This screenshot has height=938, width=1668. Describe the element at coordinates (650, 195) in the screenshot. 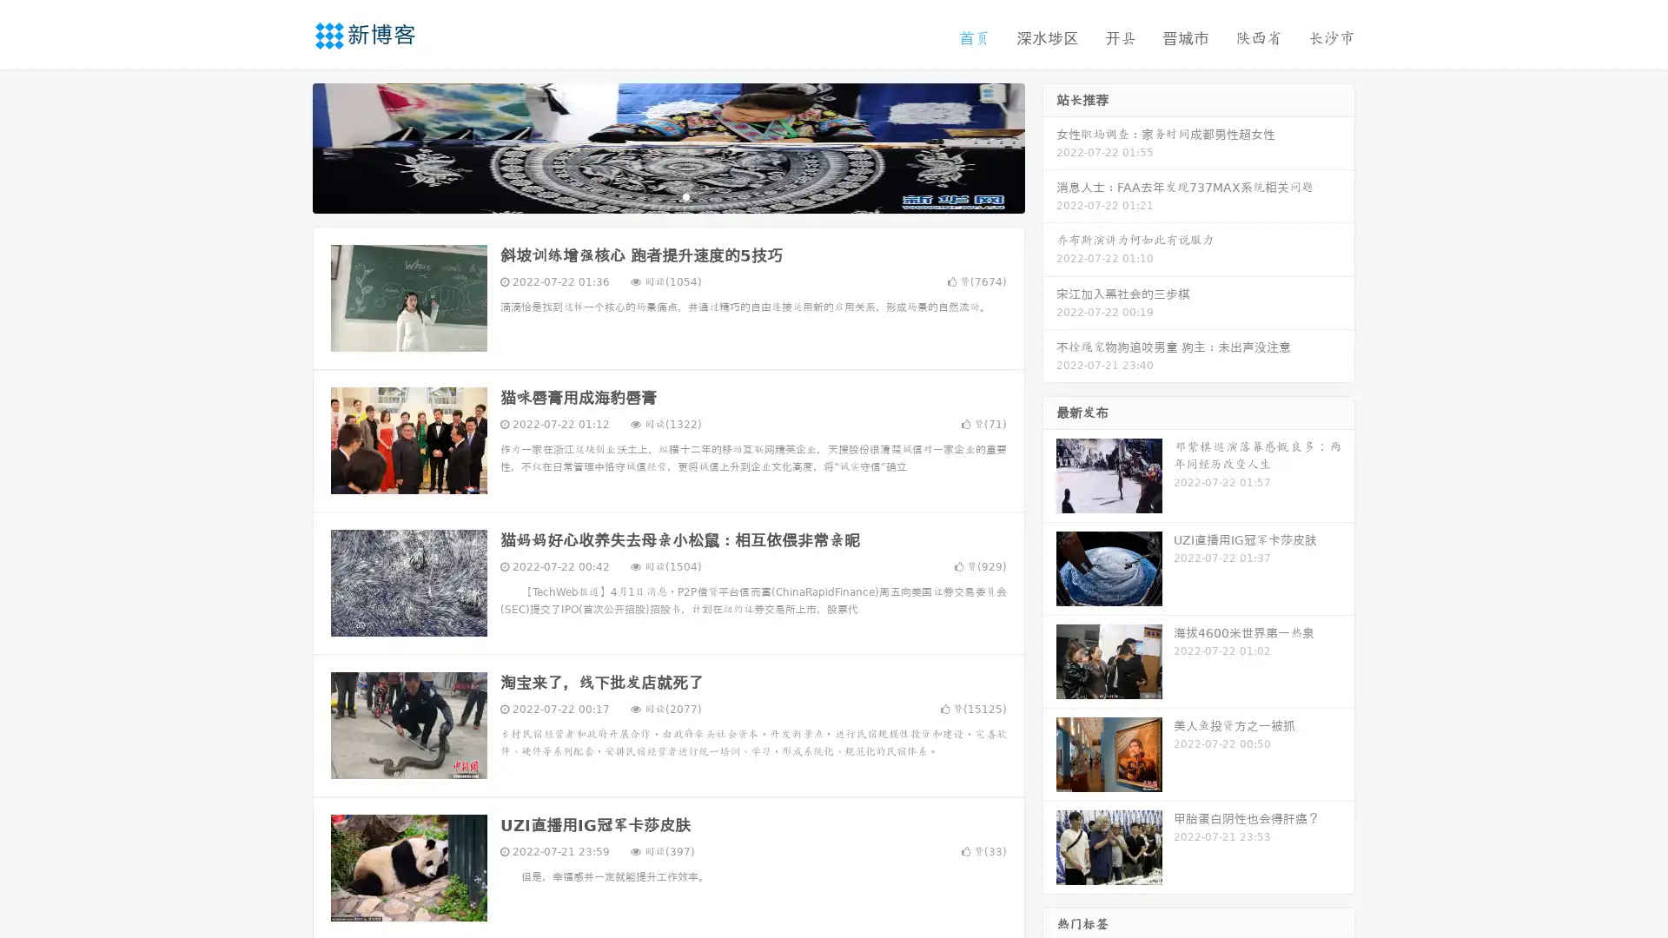

I see `Go to slide 1` at that location.